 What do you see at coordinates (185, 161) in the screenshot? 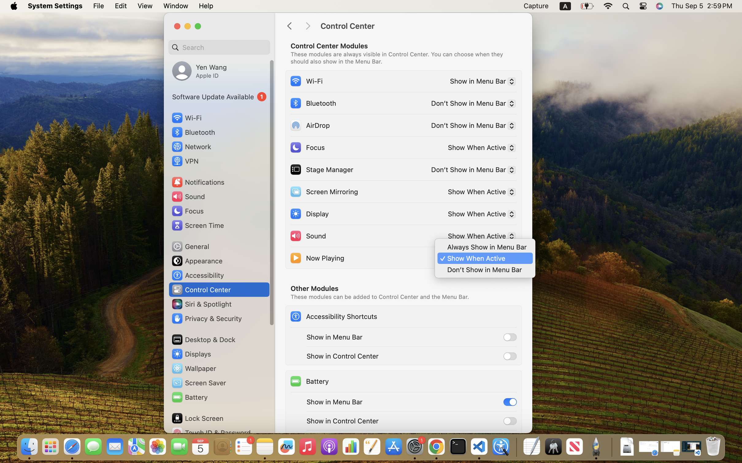
I see `'VPN'` at bounding box center [185, 161].